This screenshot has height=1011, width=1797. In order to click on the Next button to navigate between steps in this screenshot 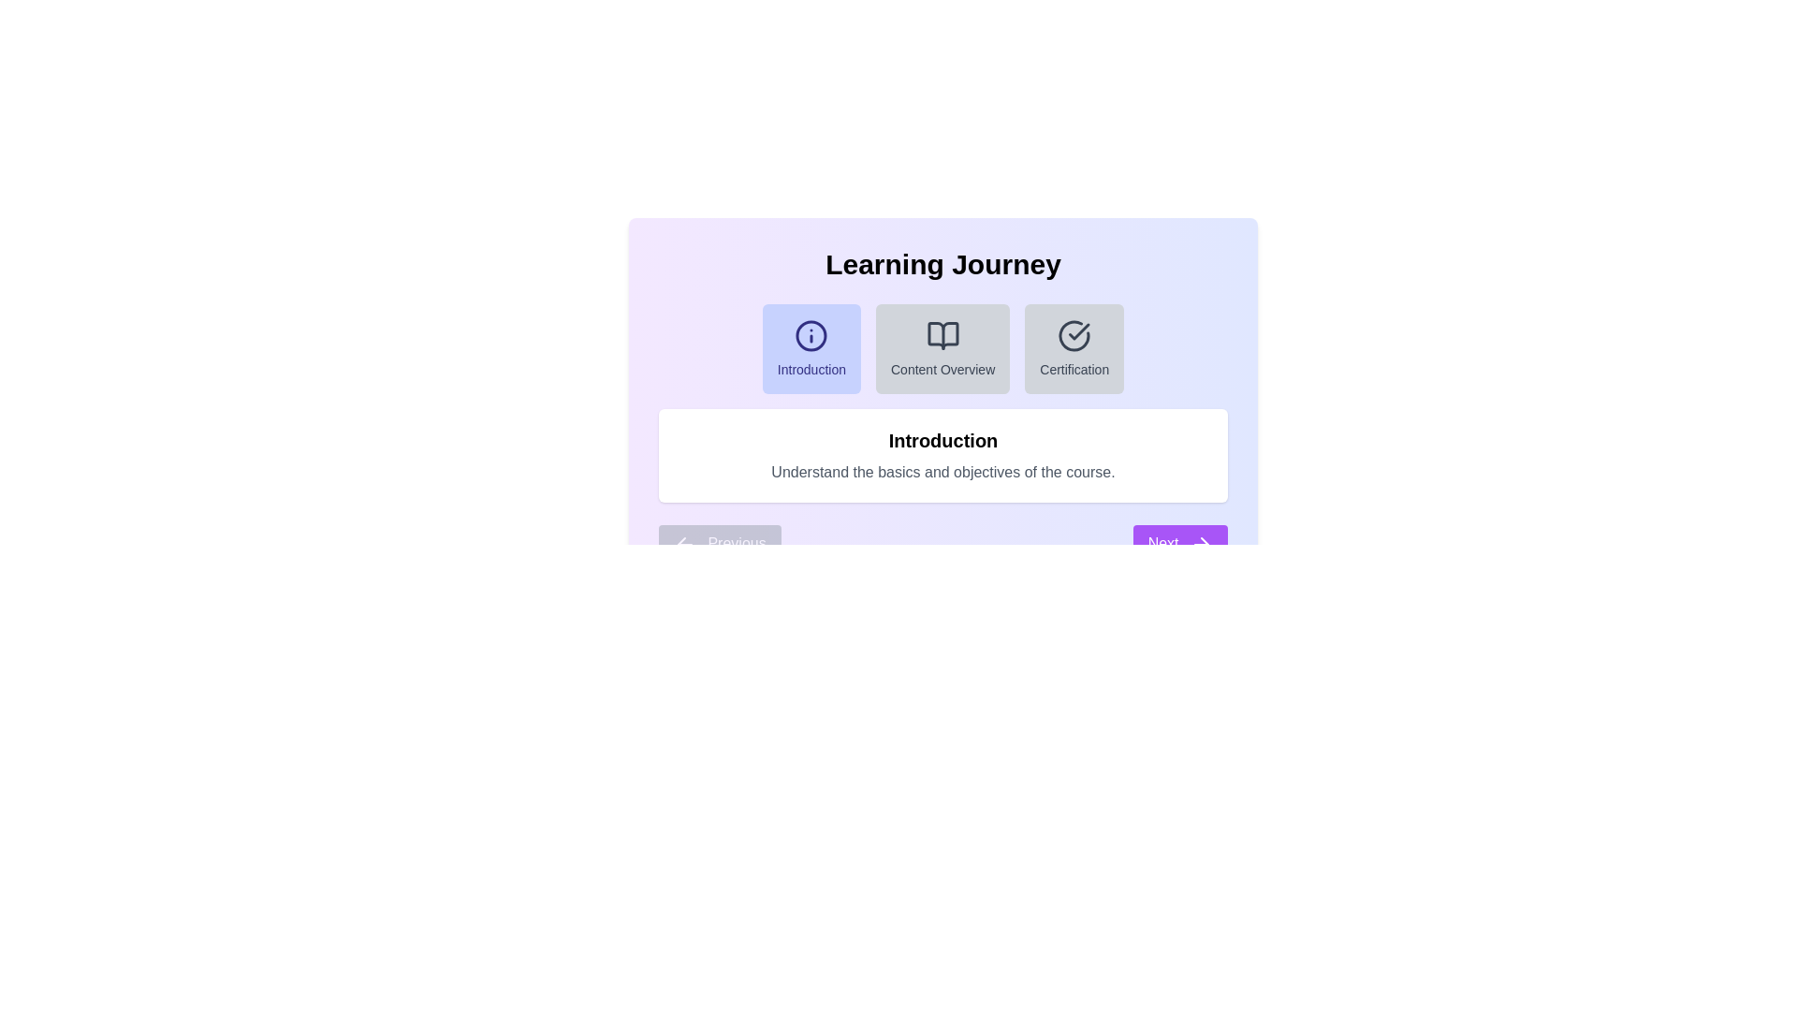, I will do `click(1179, 544)`.